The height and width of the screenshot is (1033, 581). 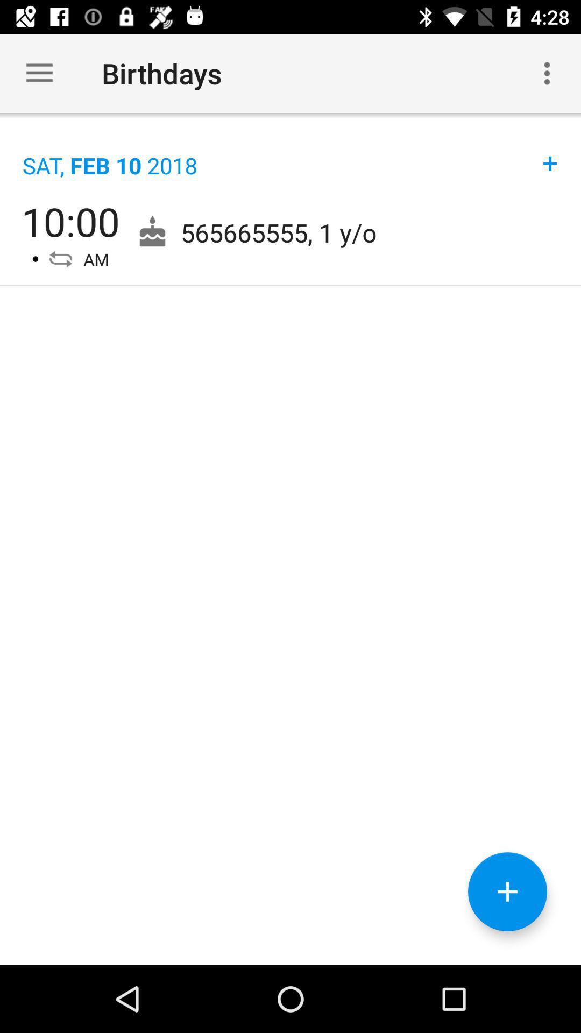 I want to click on icon to the right of sat feb 10, so click(x=550, y=152).